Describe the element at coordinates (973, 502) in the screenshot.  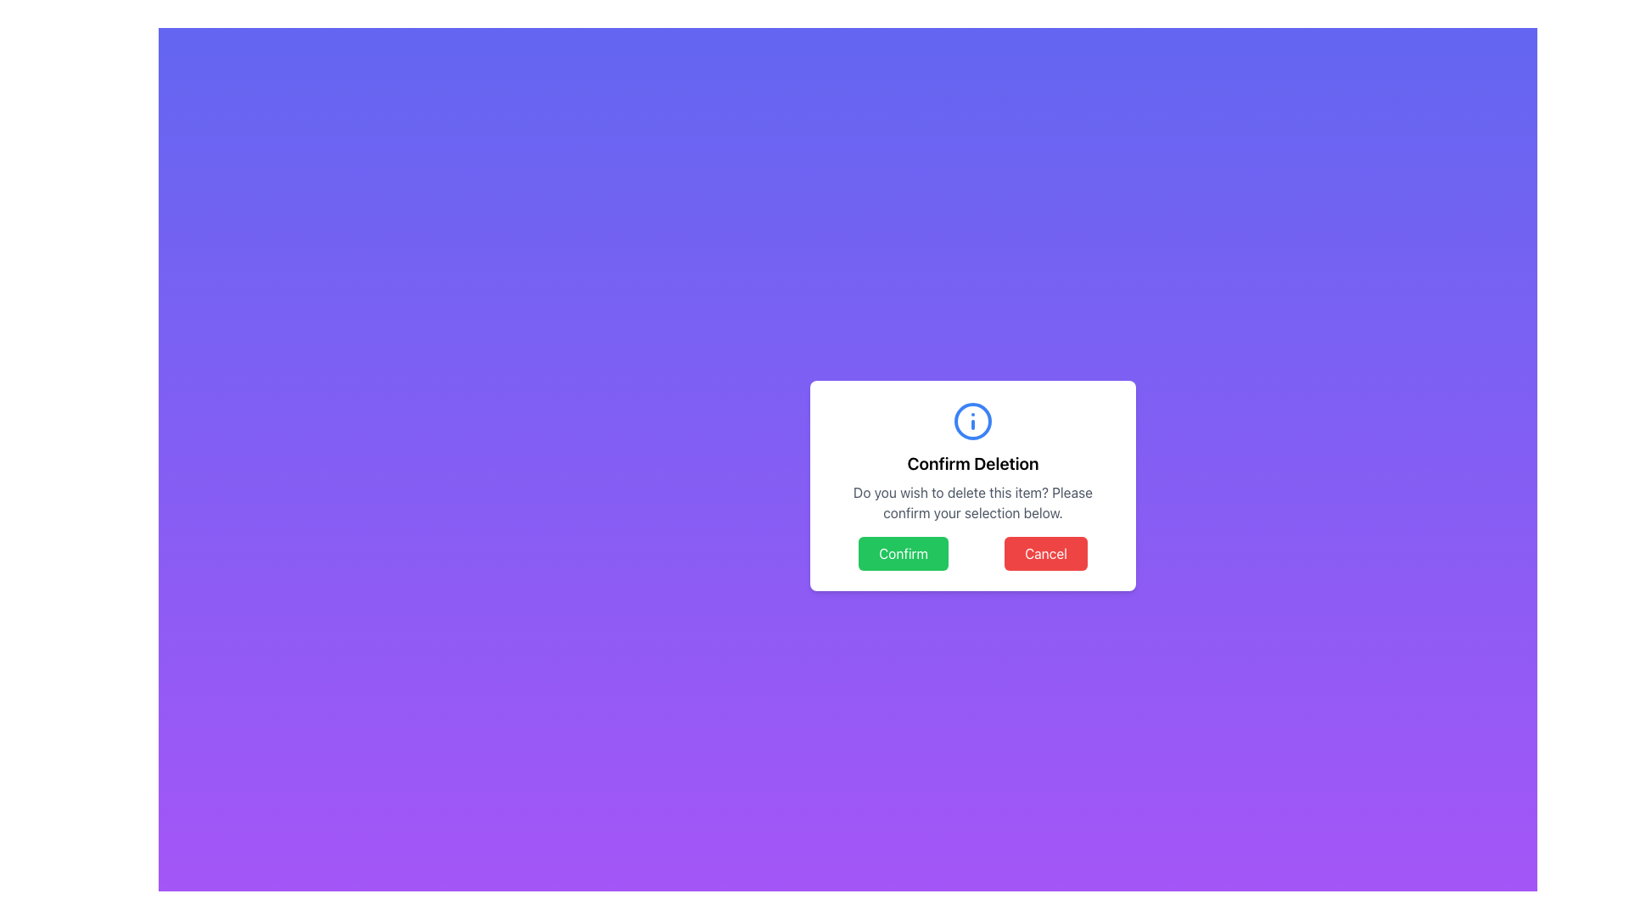
I see `informational text that asks for confirmation on deletion, which is styled in gray and is located in the dialog box beneath the title 'Confirm Deletion'` at that location.